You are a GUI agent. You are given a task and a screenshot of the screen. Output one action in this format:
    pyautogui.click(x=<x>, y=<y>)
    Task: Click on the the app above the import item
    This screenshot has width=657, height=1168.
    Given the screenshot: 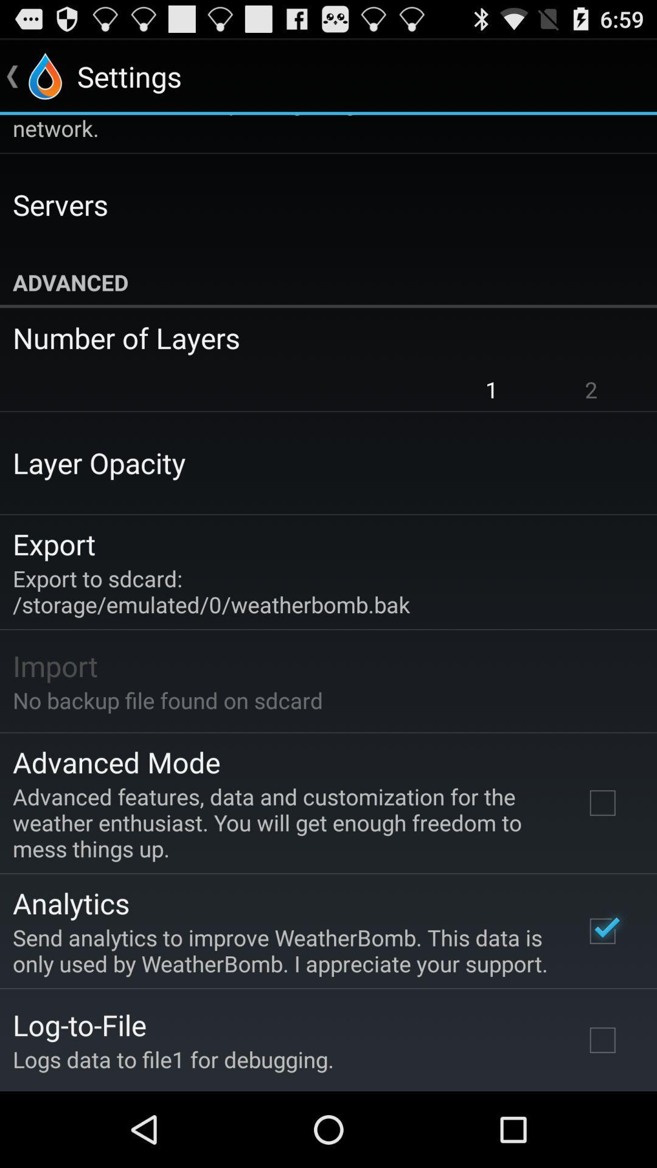 What is the action you would take?
    pyautogui.click(x=210, y=591)
    